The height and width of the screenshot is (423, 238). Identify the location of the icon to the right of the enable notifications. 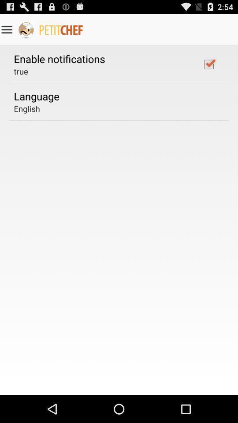
(208, 63).